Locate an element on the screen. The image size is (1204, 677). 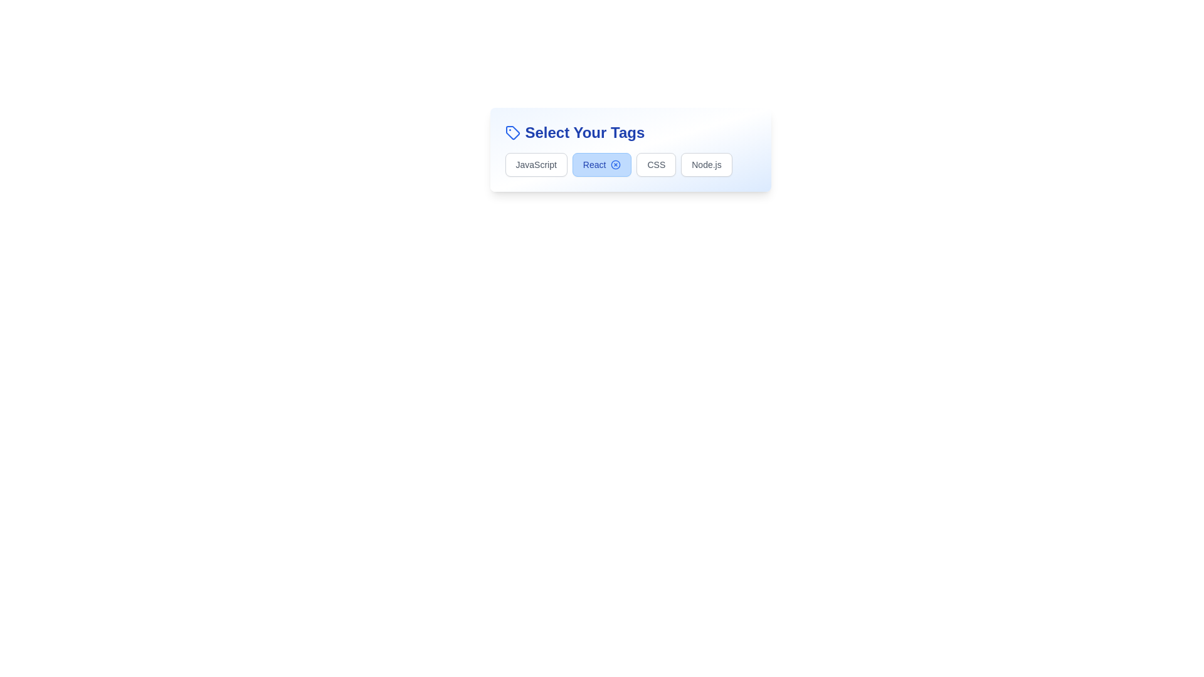
the decorative circle SVG element located to the right of the 'React' tag button, which serves as a visual indicator is located at coordinates (616, 164).